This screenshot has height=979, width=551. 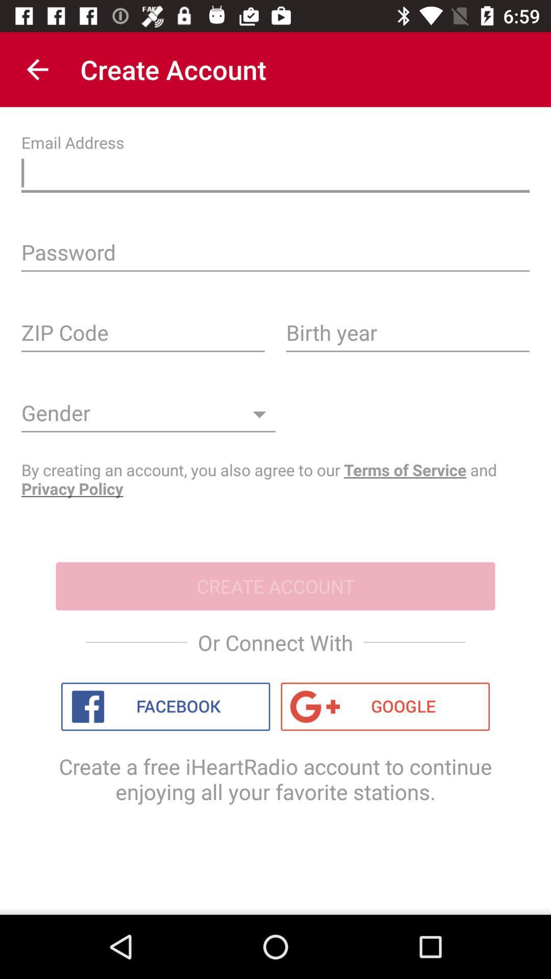 What do you see at coordinates (148, 417) in the screenshot?
I see `icon above by creating an icon` at bounding box center [148, 417].